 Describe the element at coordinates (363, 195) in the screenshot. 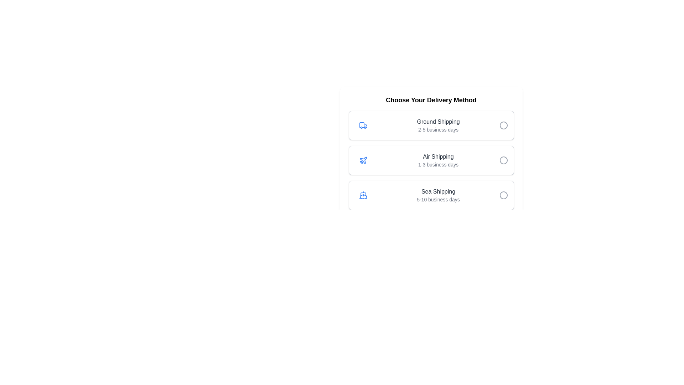

I see `the appearance of the blue ship icon located within the 'Sea Shipping' option of the delivery method selection menu` at that location.